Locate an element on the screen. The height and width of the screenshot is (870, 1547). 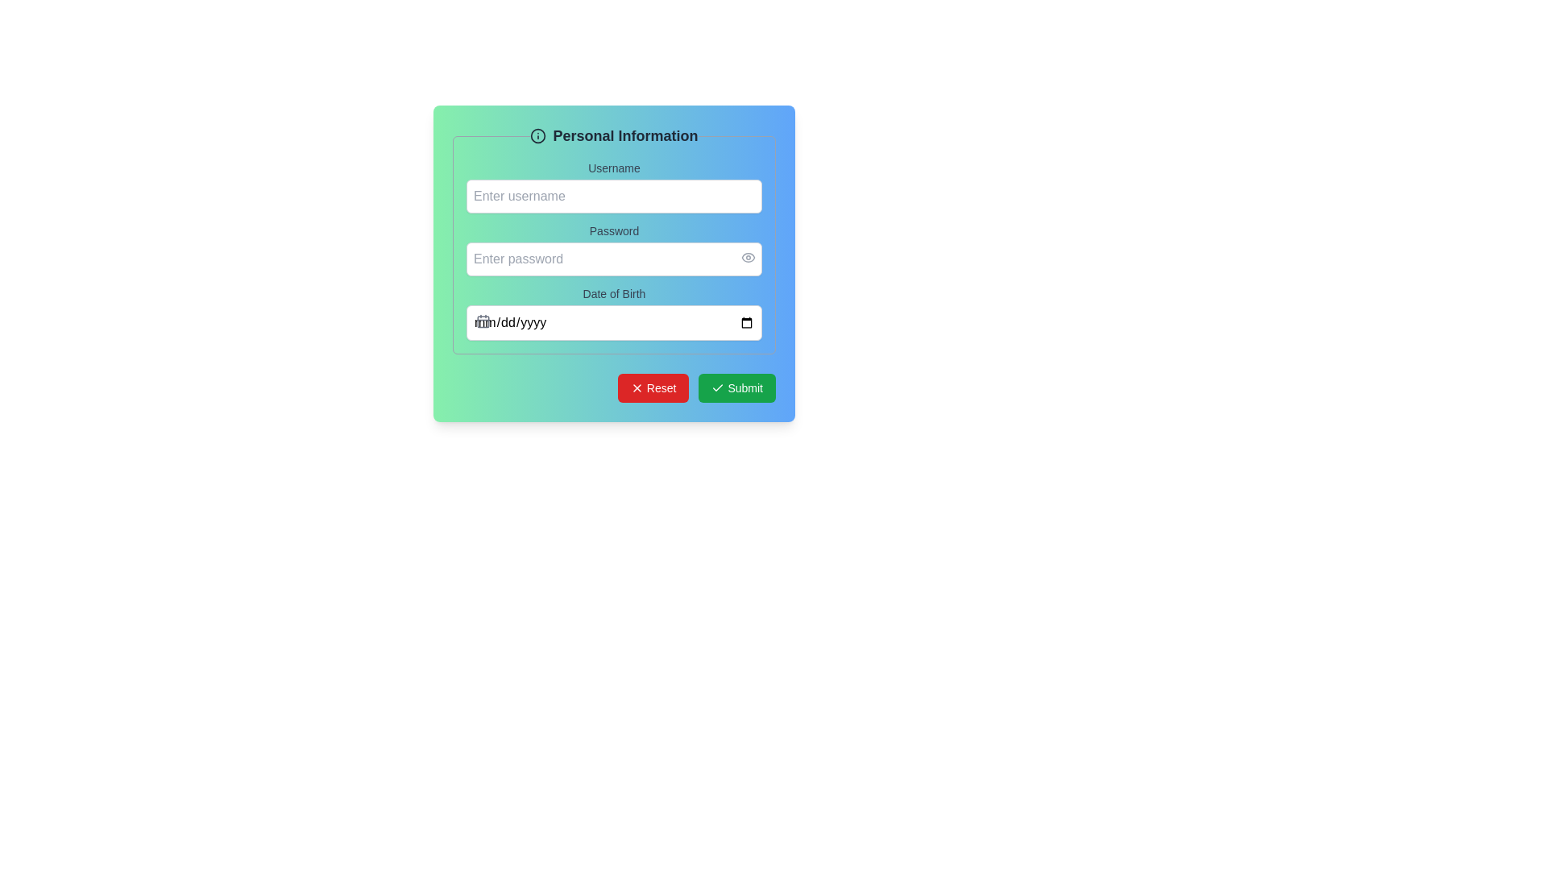
the reset button located in the bottom-right section of the form, which is aligned to the left of the 'Submit' button is located at coordinates (653, 388).